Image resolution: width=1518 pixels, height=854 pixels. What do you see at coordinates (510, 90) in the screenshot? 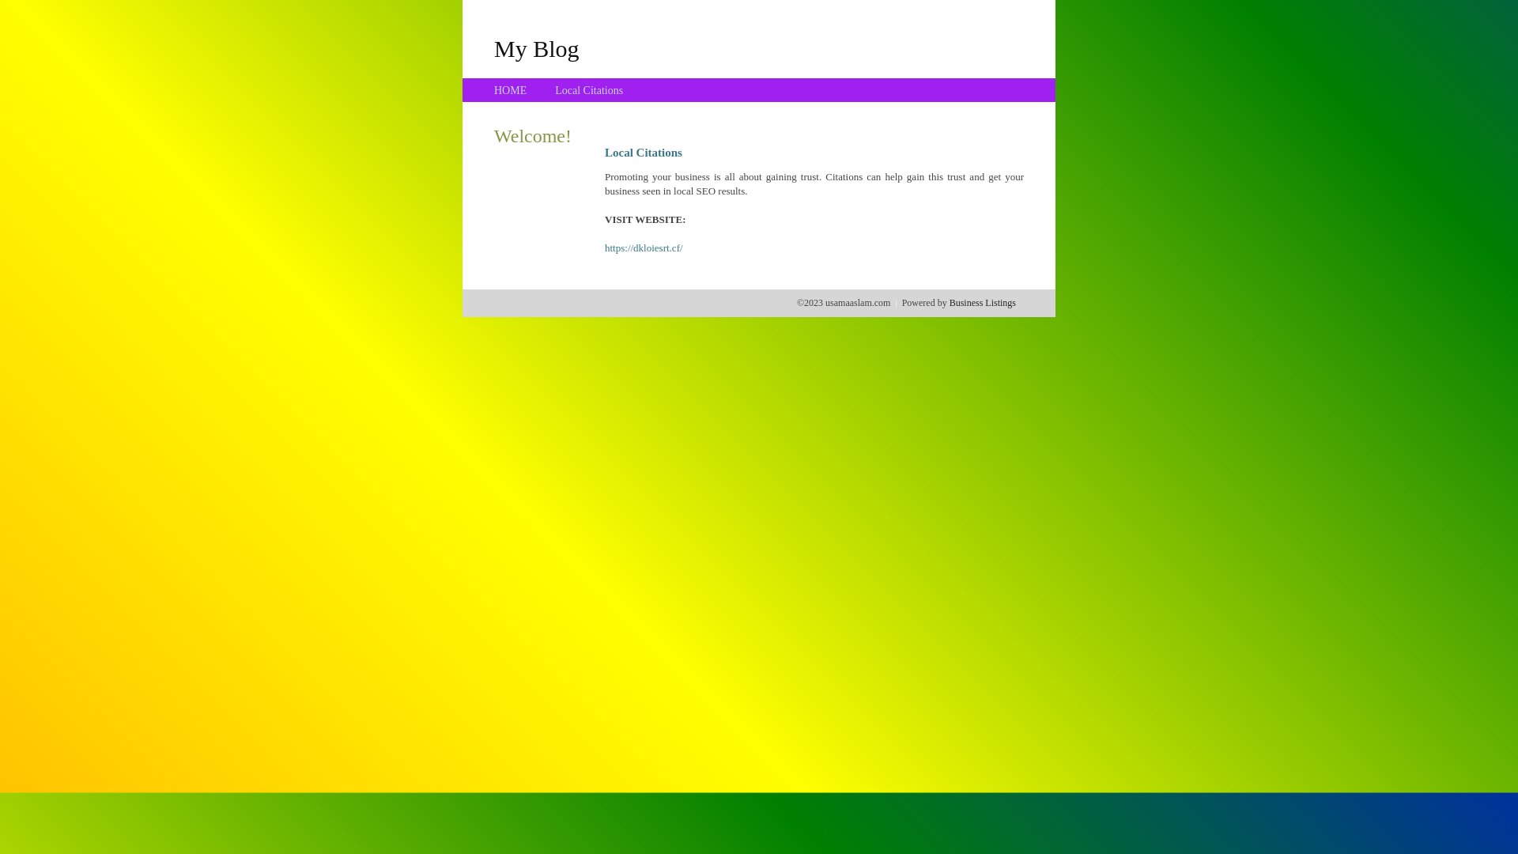
I see `'HOME'` at bounding box center [510, 90].